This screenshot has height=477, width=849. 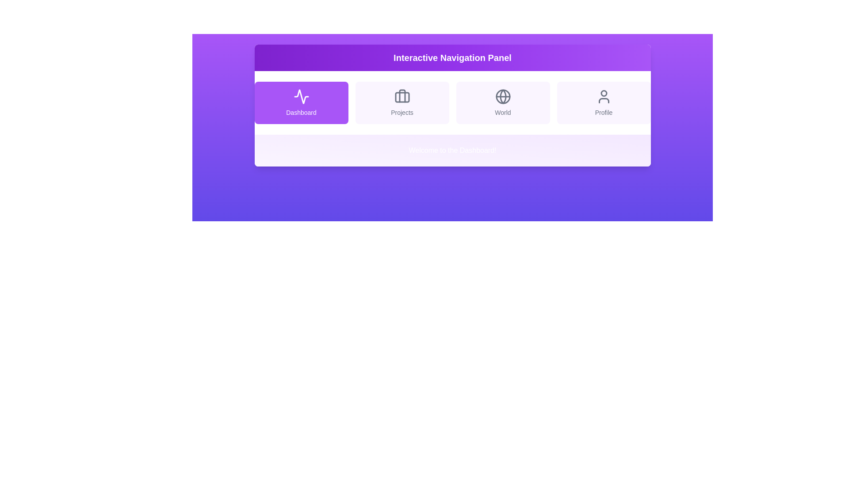 I want to click on the header element labeled 'Interactive Navigation Panel', which has a gradient background and bold white text, so click(x=452, y=58).